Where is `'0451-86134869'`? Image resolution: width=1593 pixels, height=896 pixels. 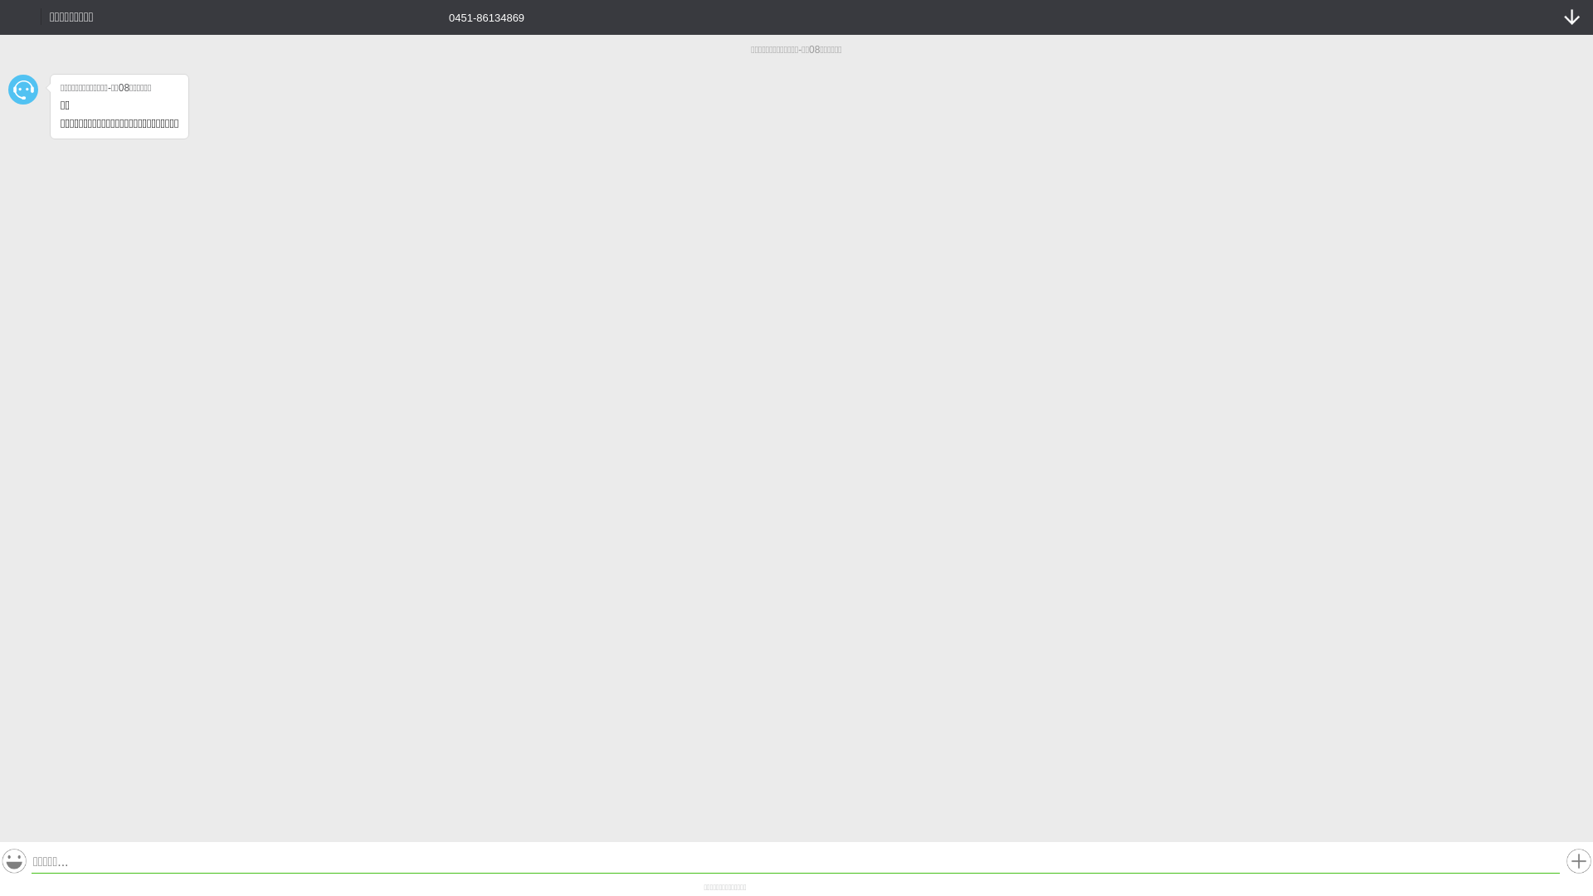
'0451-86134869' is located at coordinates (474, 16).